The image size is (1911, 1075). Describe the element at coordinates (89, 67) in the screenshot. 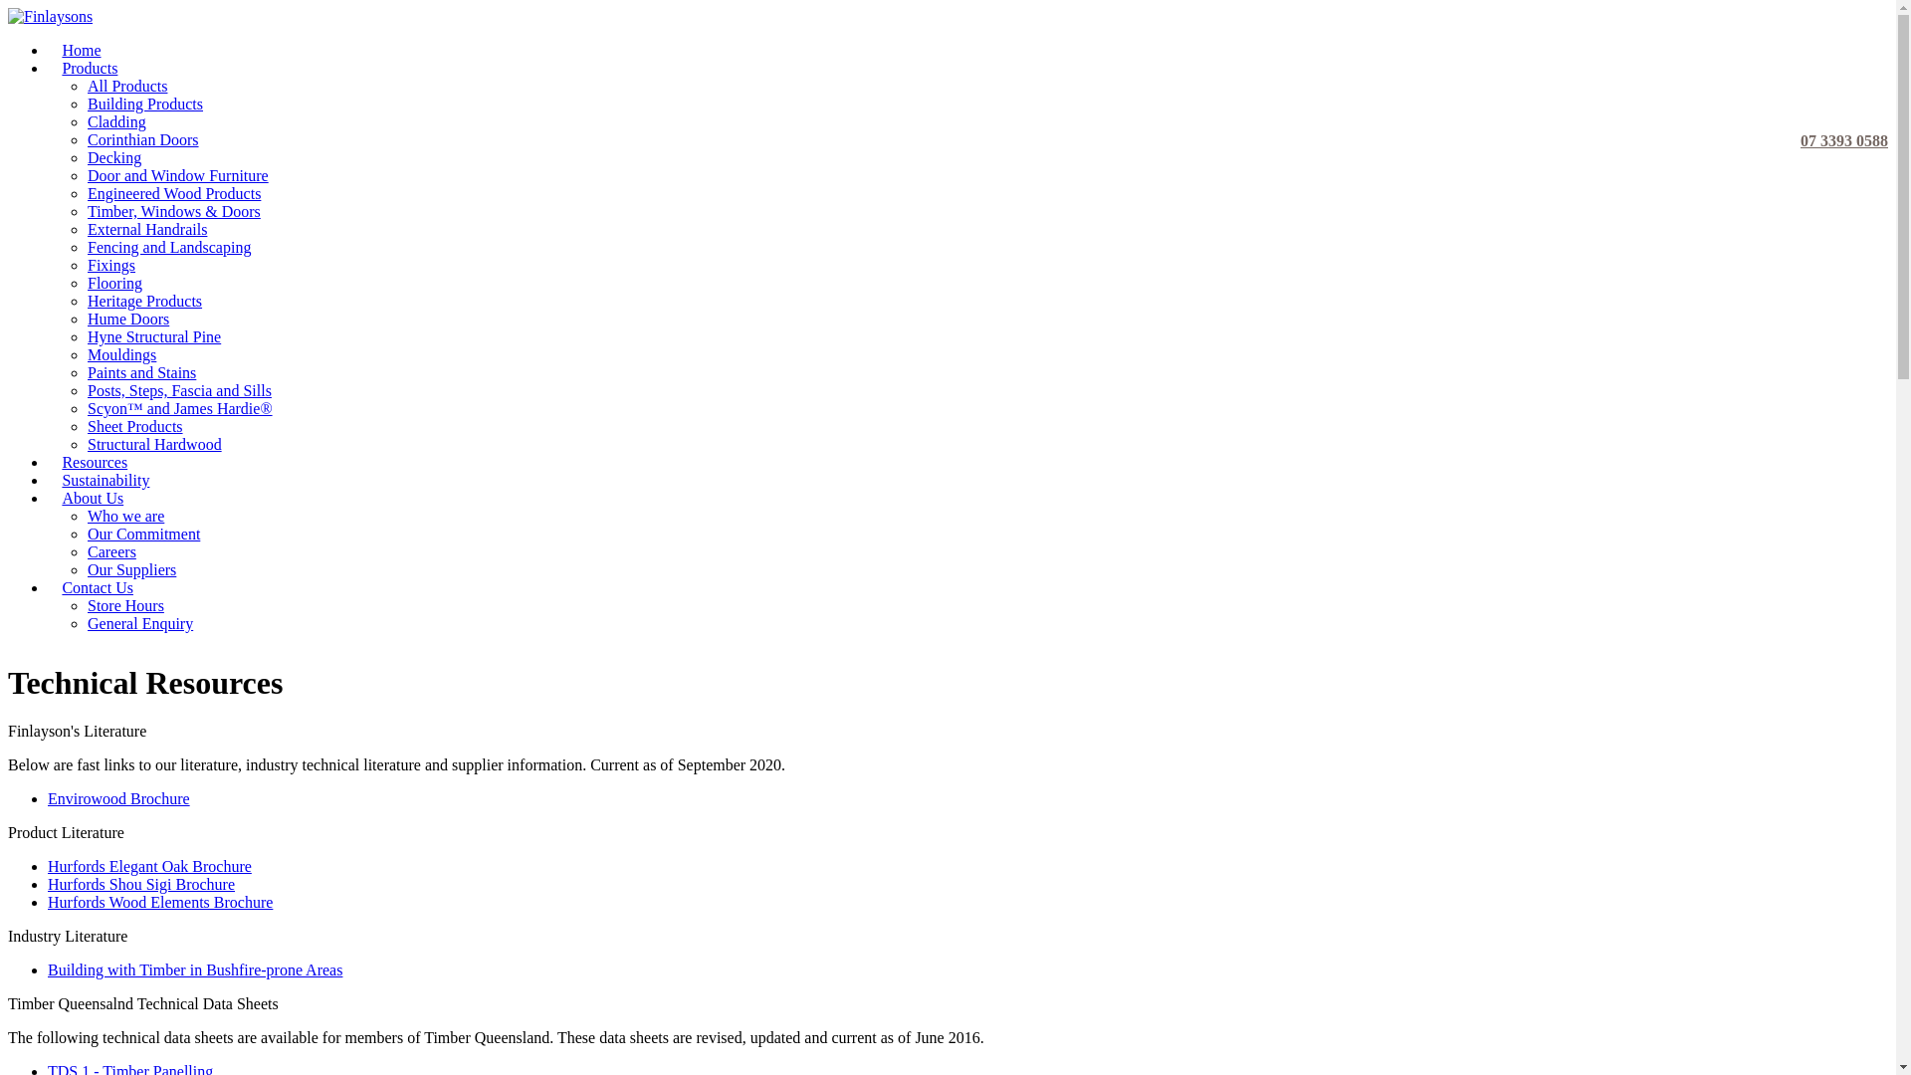

I see `'Products'` at that location.